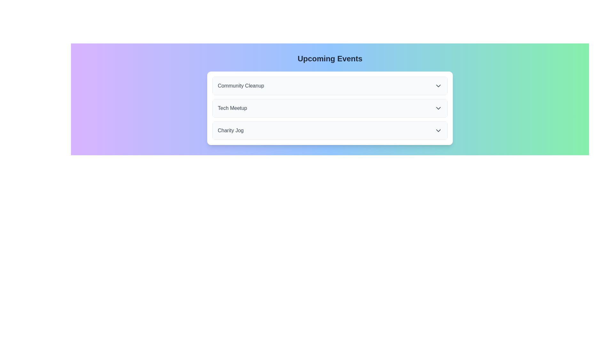 The width and height of the screenshot is (614, 345). What do you see at coordinates (330, 108) in the screenshot?
I see `the second dropdown list item for 'Tech Meetup' located under 'Upcoming Events'` at bounding box center [330, 108].